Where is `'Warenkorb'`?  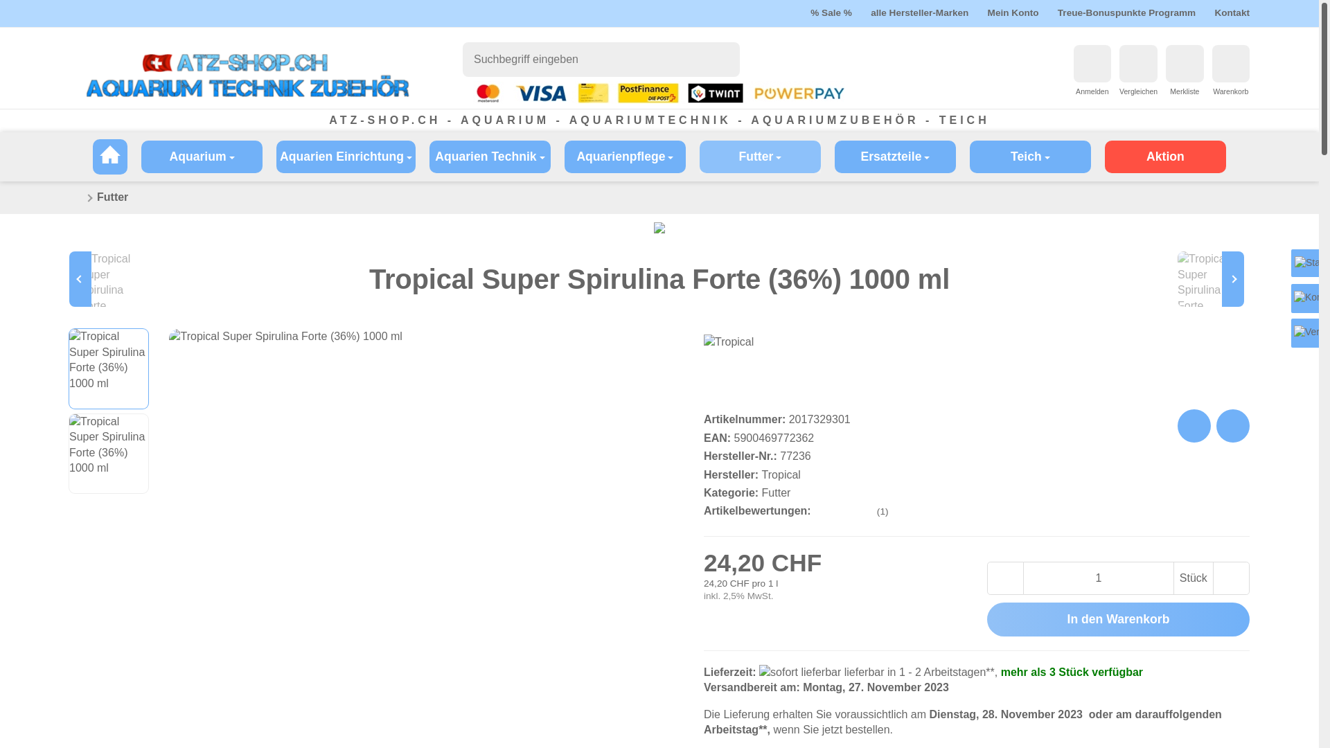
'Warenkorb' is located at coordinates (1230, 91).